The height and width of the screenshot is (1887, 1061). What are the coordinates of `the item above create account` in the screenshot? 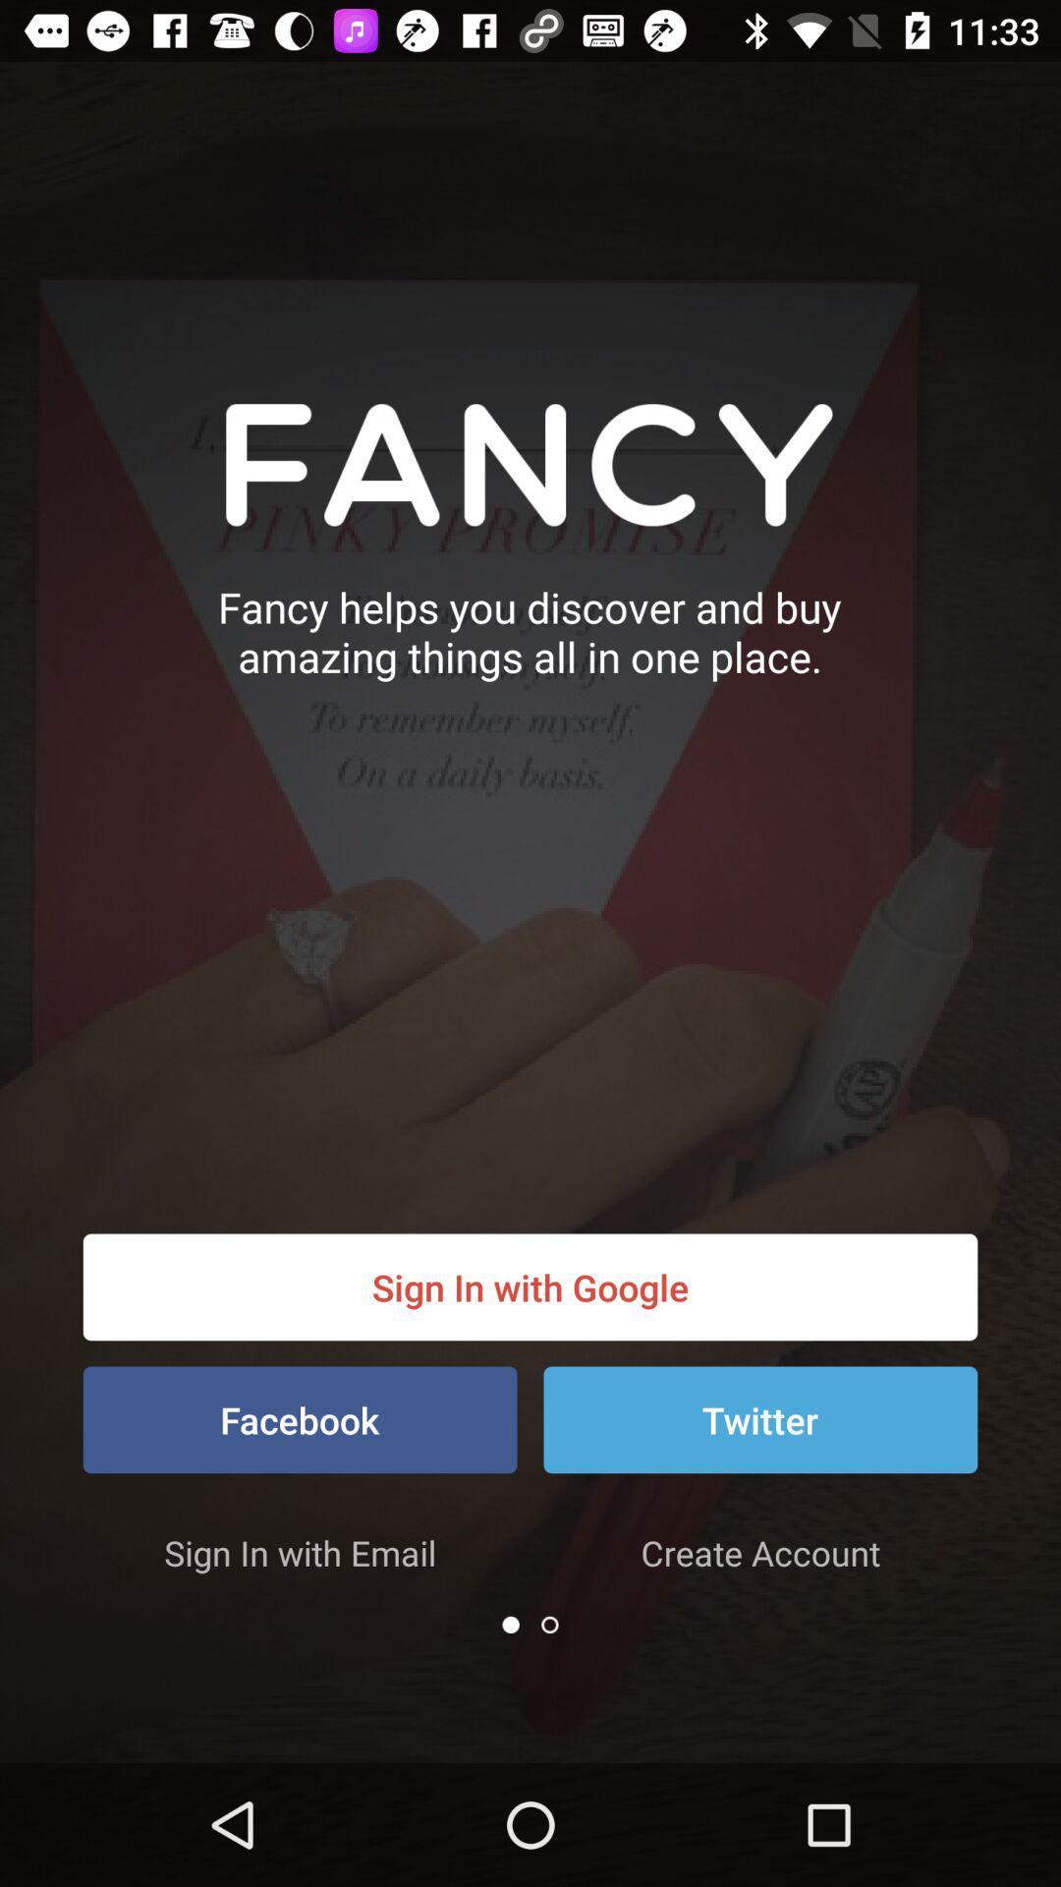 It's located at (759, 1419).